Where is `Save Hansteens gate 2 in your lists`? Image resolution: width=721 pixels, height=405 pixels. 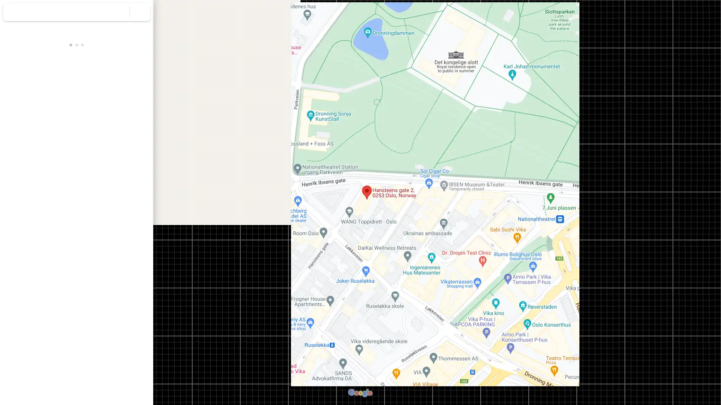
Save Hansteens gate 2 in your lists is located at coordinates (48, 150).